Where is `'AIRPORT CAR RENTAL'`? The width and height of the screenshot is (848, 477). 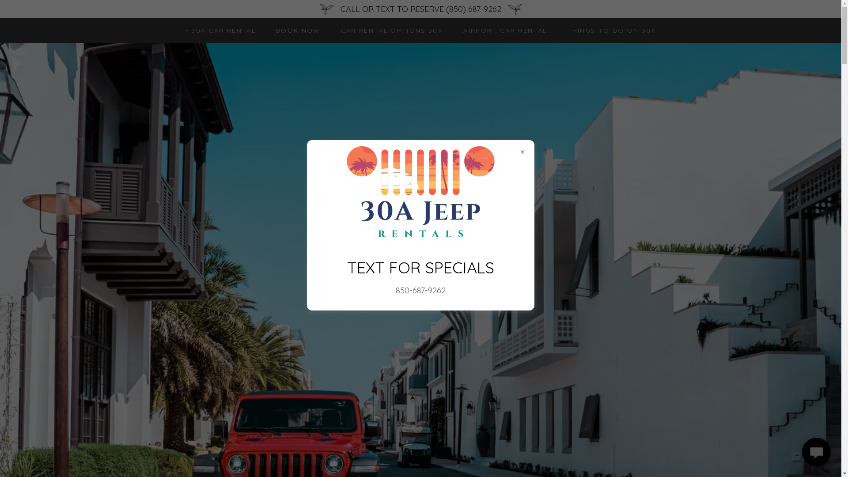
'AIRPORT CAR RENTAL' is located at coordinates (502, 30).